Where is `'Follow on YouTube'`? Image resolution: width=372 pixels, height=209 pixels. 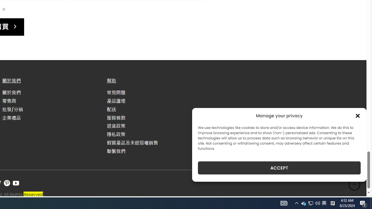
'Follow on YouTube' is located at coordinates (16, 183).